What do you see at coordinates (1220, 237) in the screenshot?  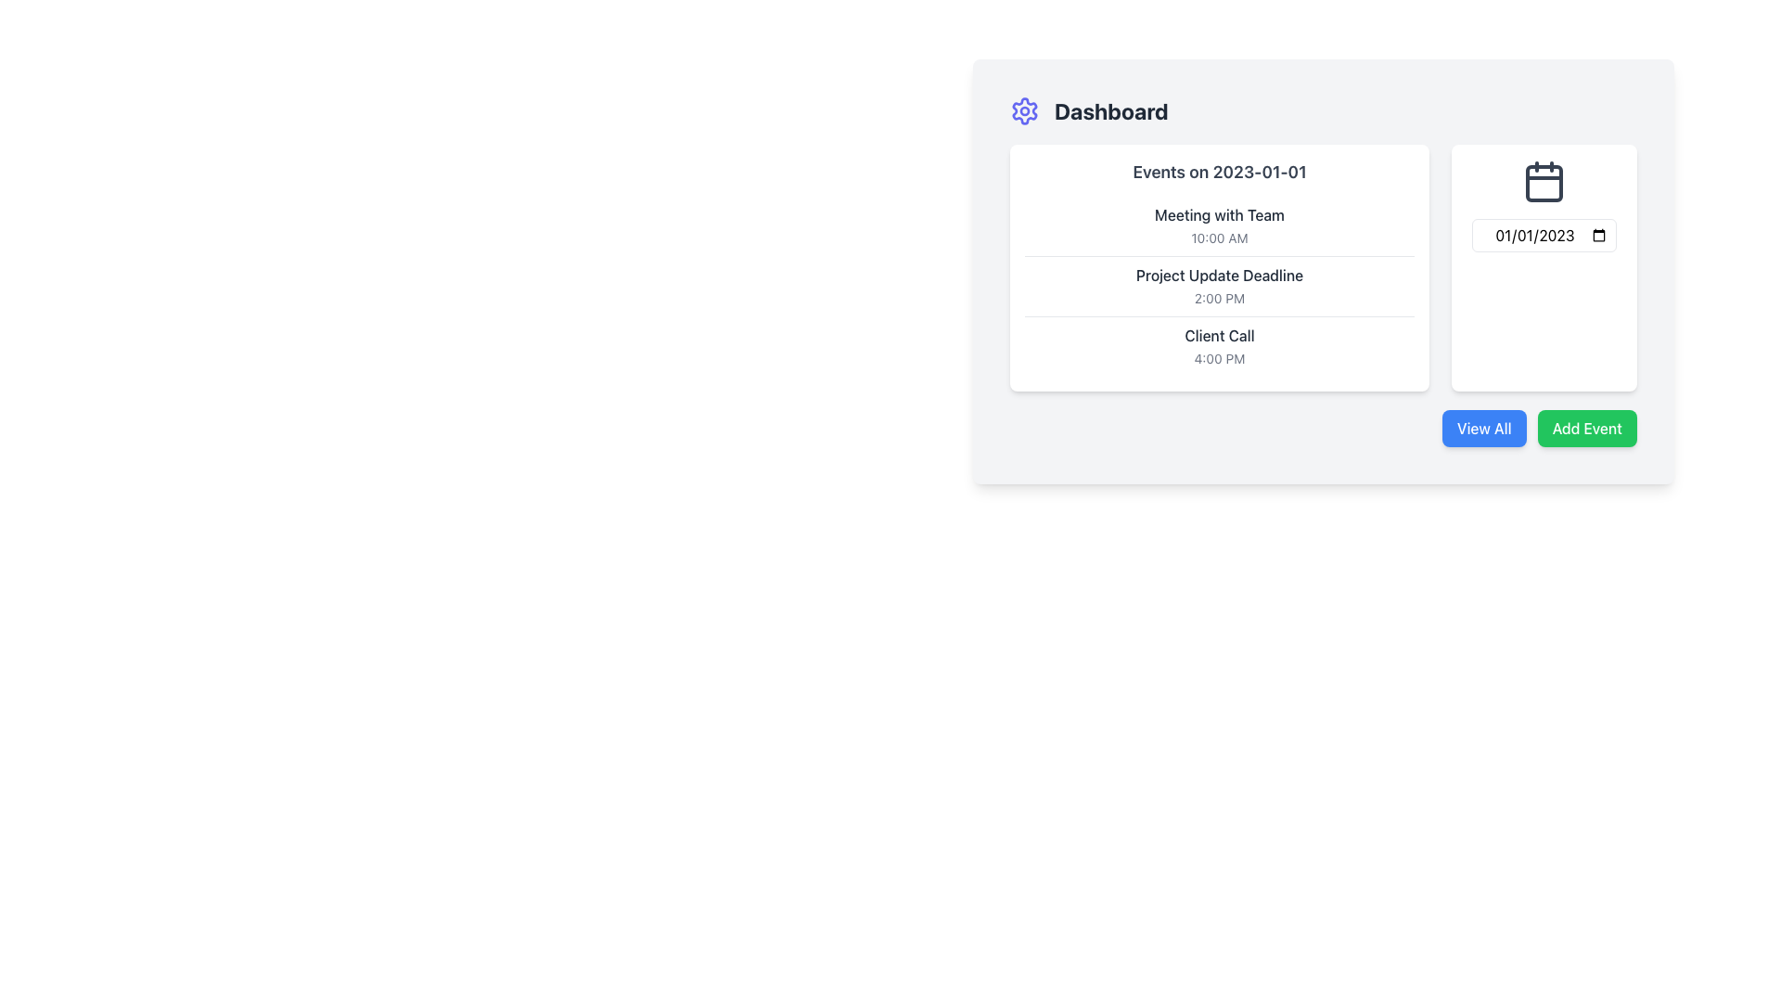 I see `Text Label displaying the scheduled time for the meeting entry in the events section of the 'Dashboard' page, located beneath the 'Meeting with Team' label` at bounding box center [1220, 237].